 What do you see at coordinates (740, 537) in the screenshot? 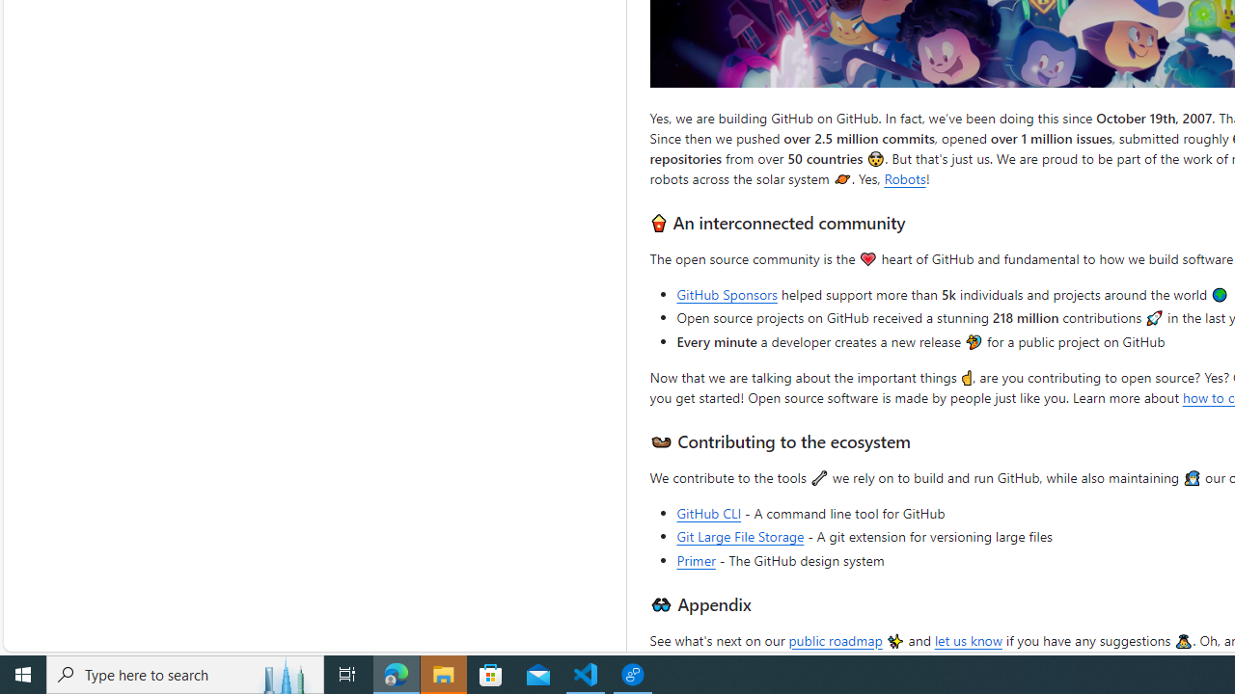
I see `'Git Large File Storage'` at bounding box center [740, 537].